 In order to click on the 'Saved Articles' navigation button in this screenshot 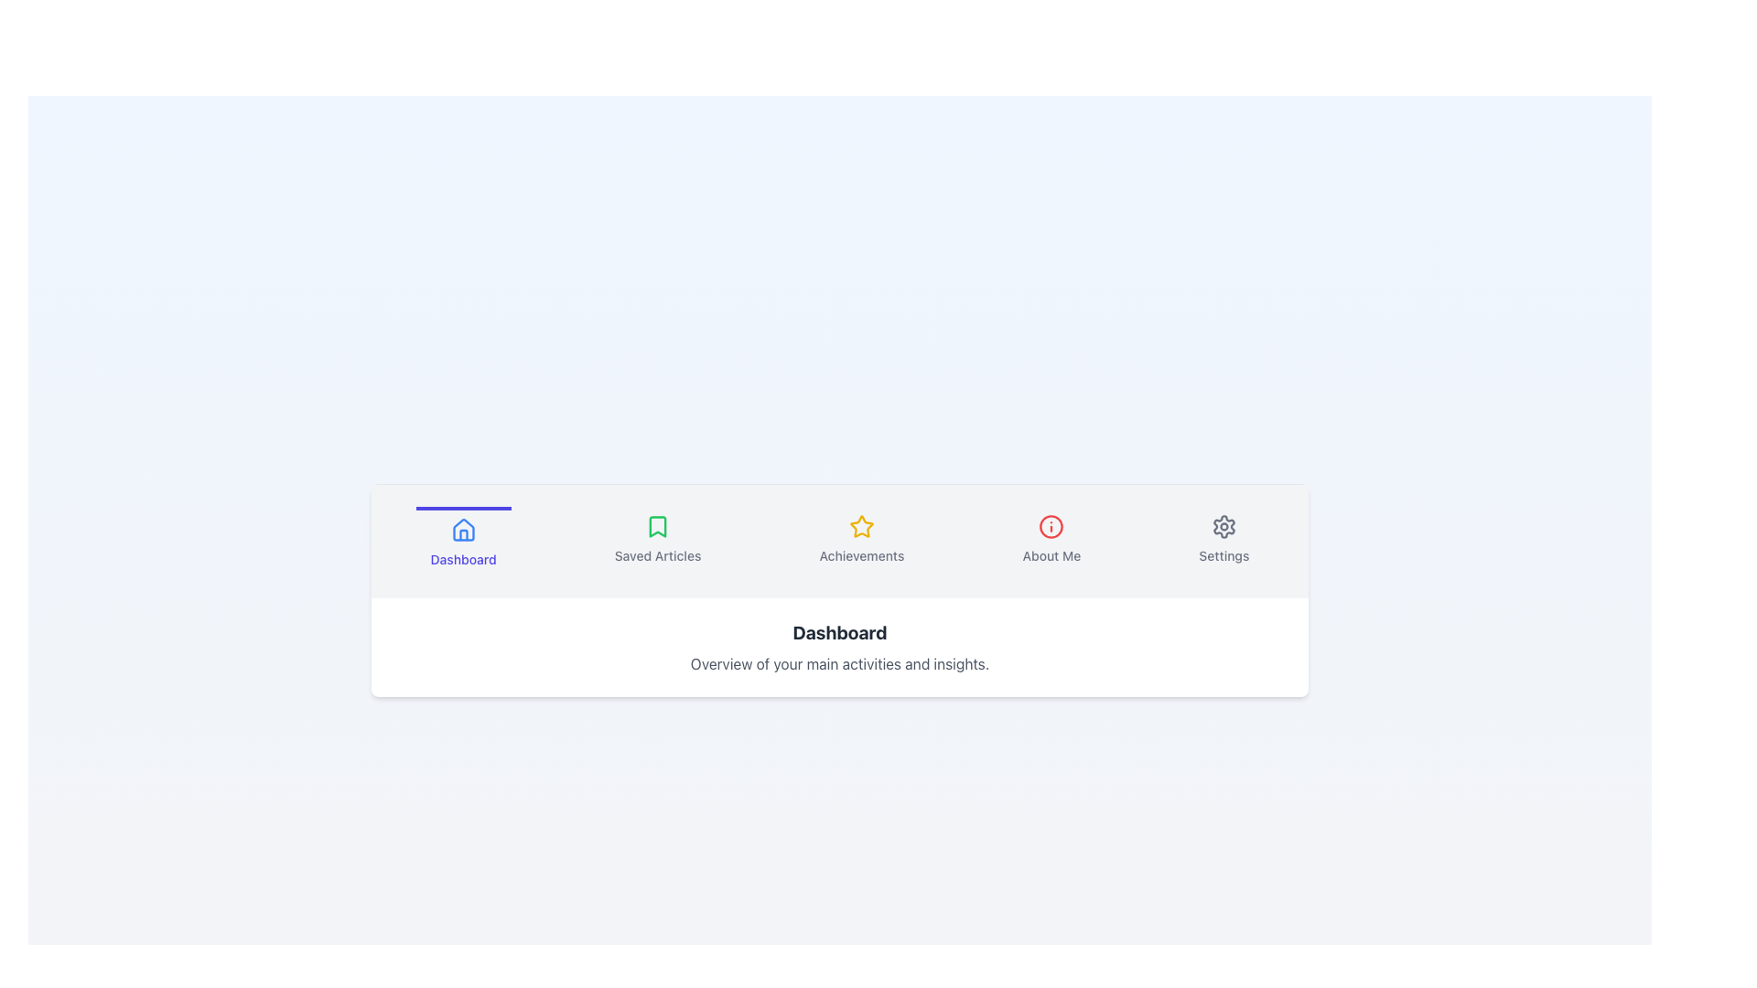, I will do `click(658, 540)`.